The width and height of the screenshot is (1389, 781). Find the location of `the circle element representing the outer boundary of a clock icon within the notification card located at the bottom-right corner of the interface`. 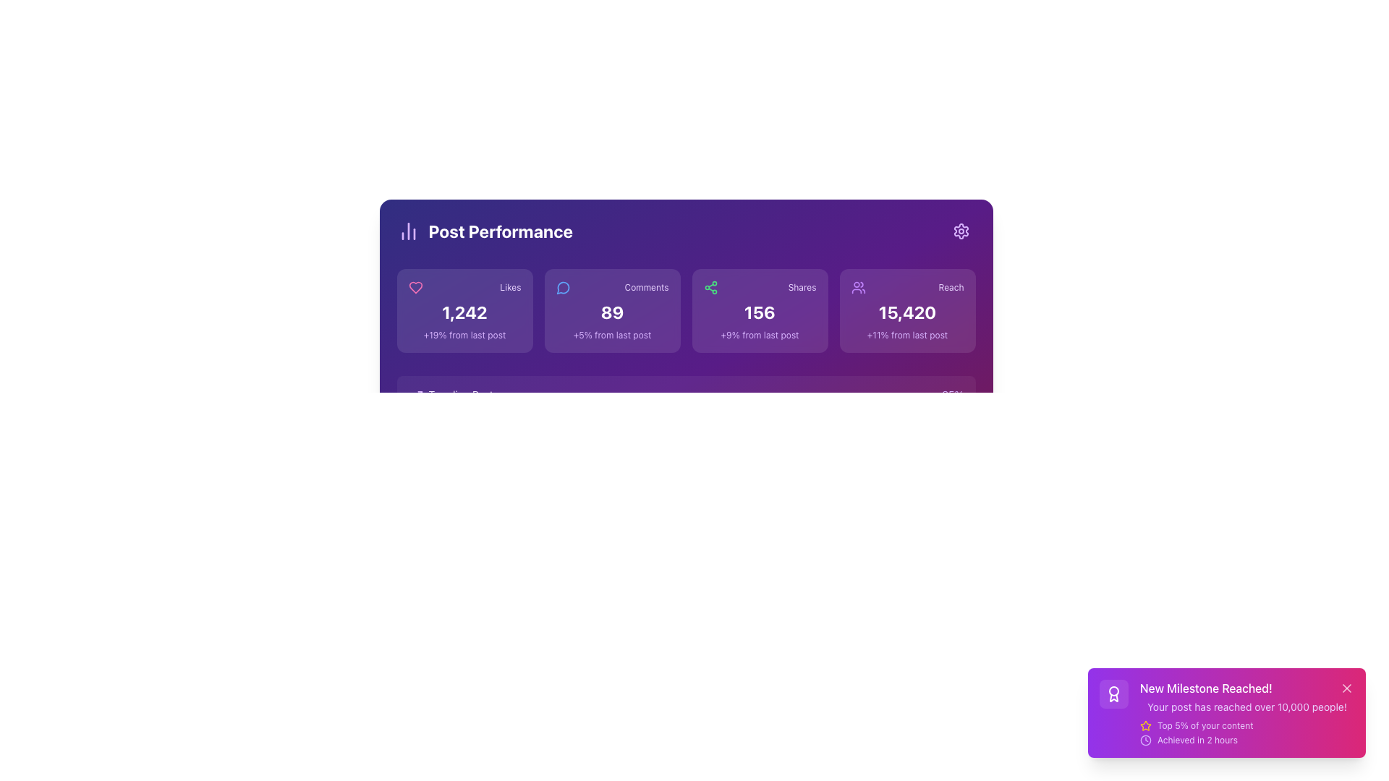

the circle element representing the outer boundary of a clock icon within the notification card located at the bottom-right corner of the interface is located at coordinates (1145, 740).